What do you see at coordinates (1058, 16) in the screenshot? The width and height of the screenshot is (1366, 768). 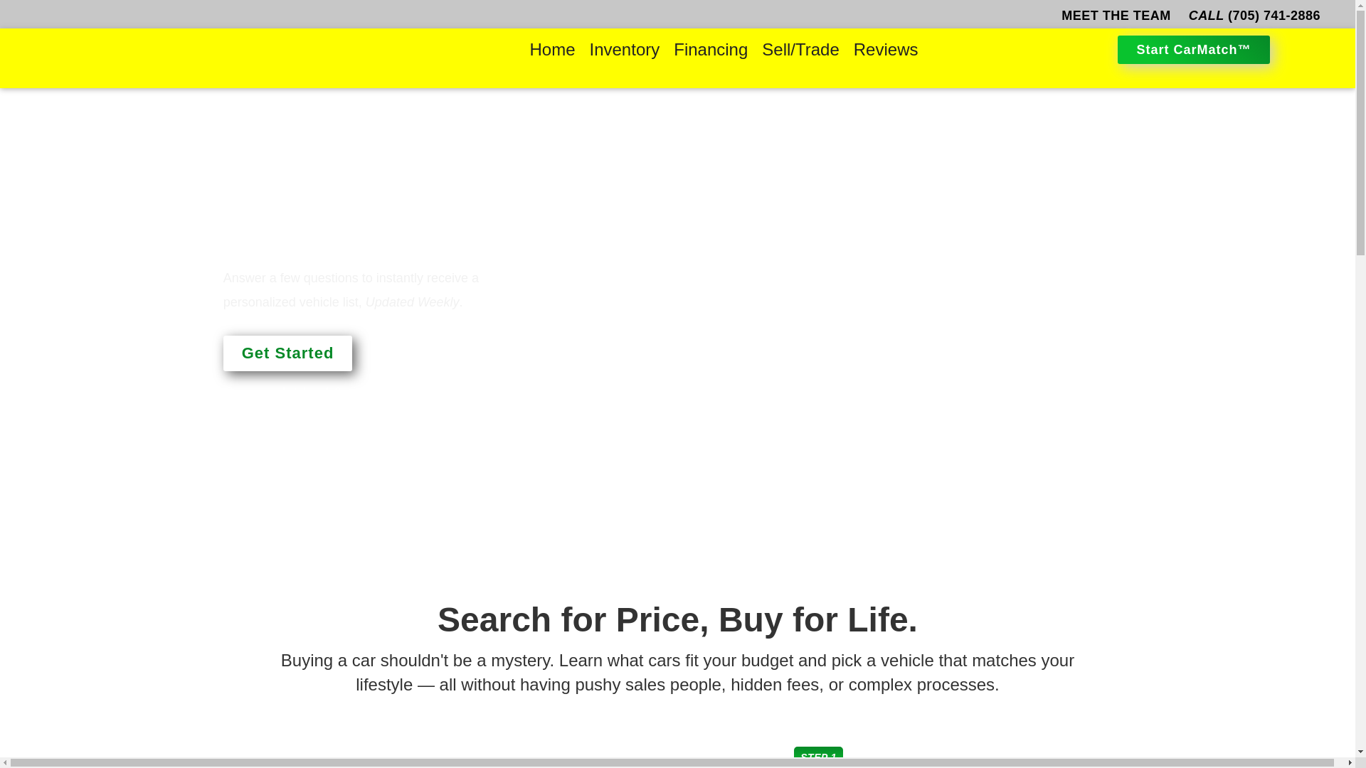 I see `'MEET THE TEAM'` at bounding box center [1058, 16].